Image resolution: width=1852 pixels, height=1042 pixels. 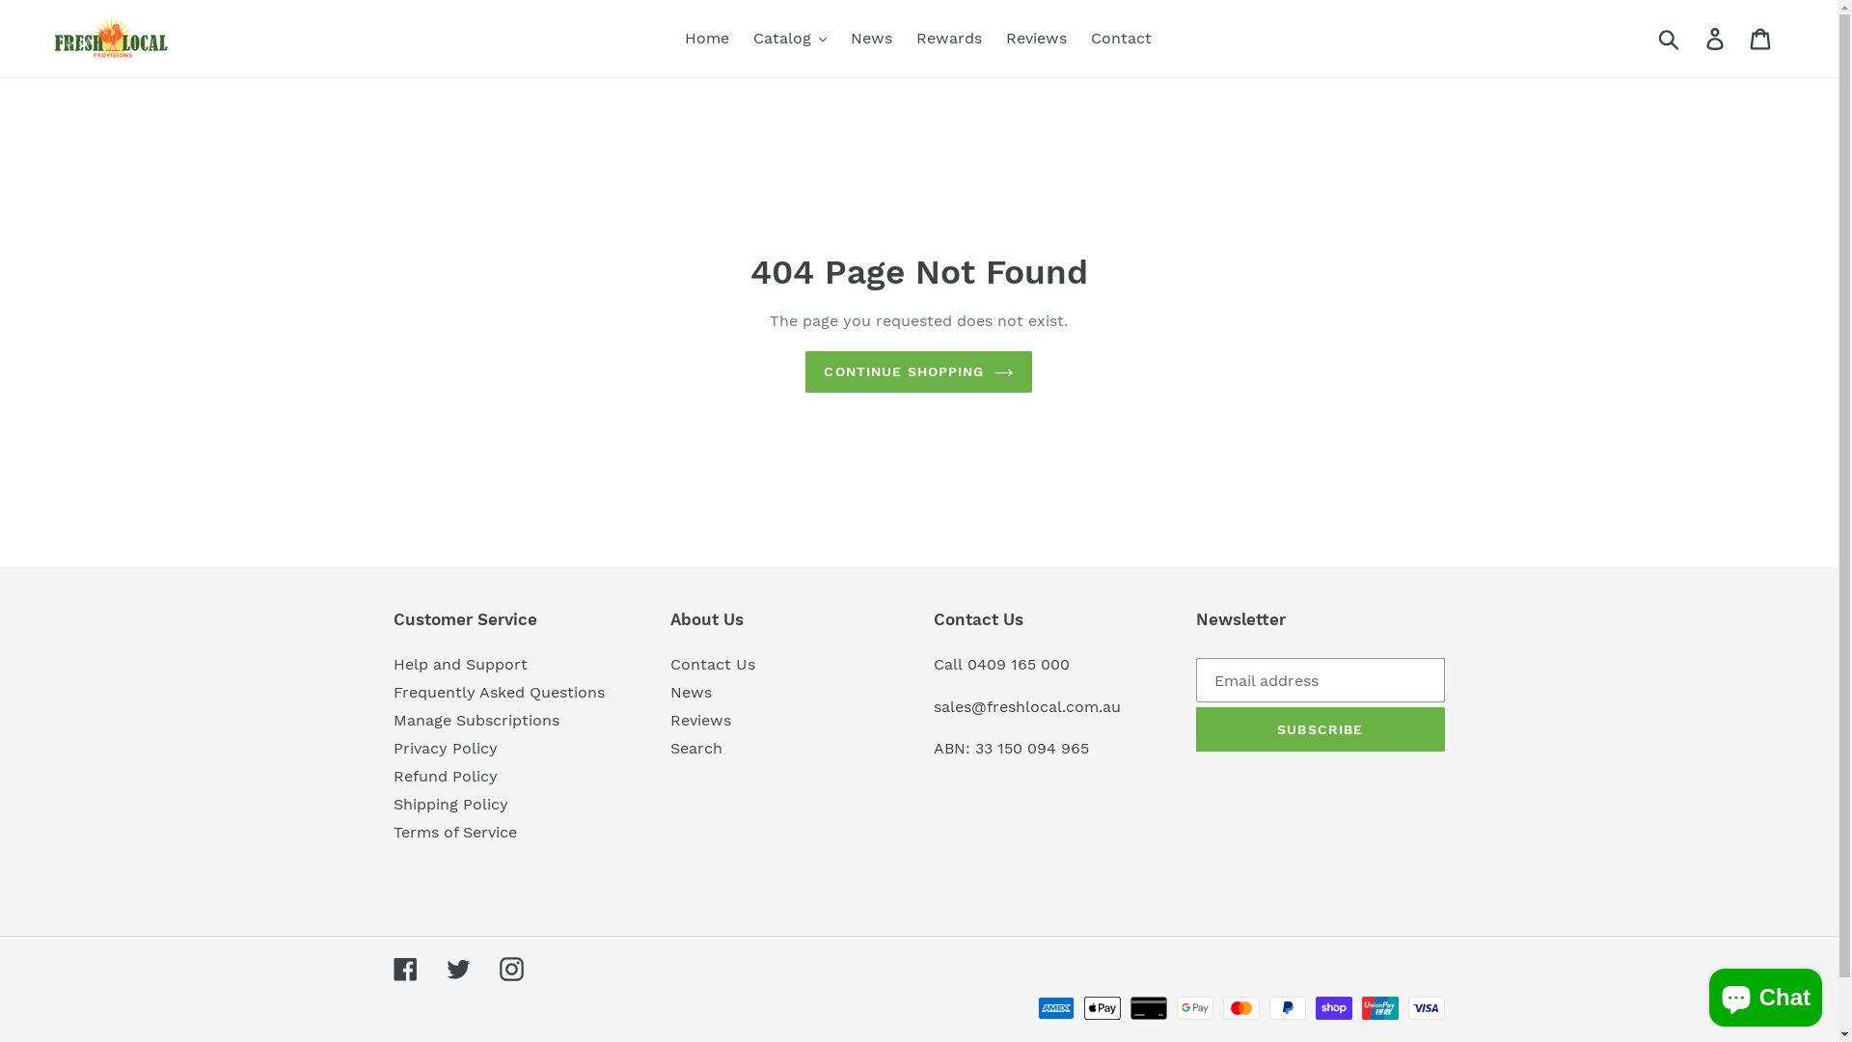 What do you see at coordinates (1194, 729) in the screenshot?
I see `'SUBSCRIBE'` at bounding box center [1194, 729].